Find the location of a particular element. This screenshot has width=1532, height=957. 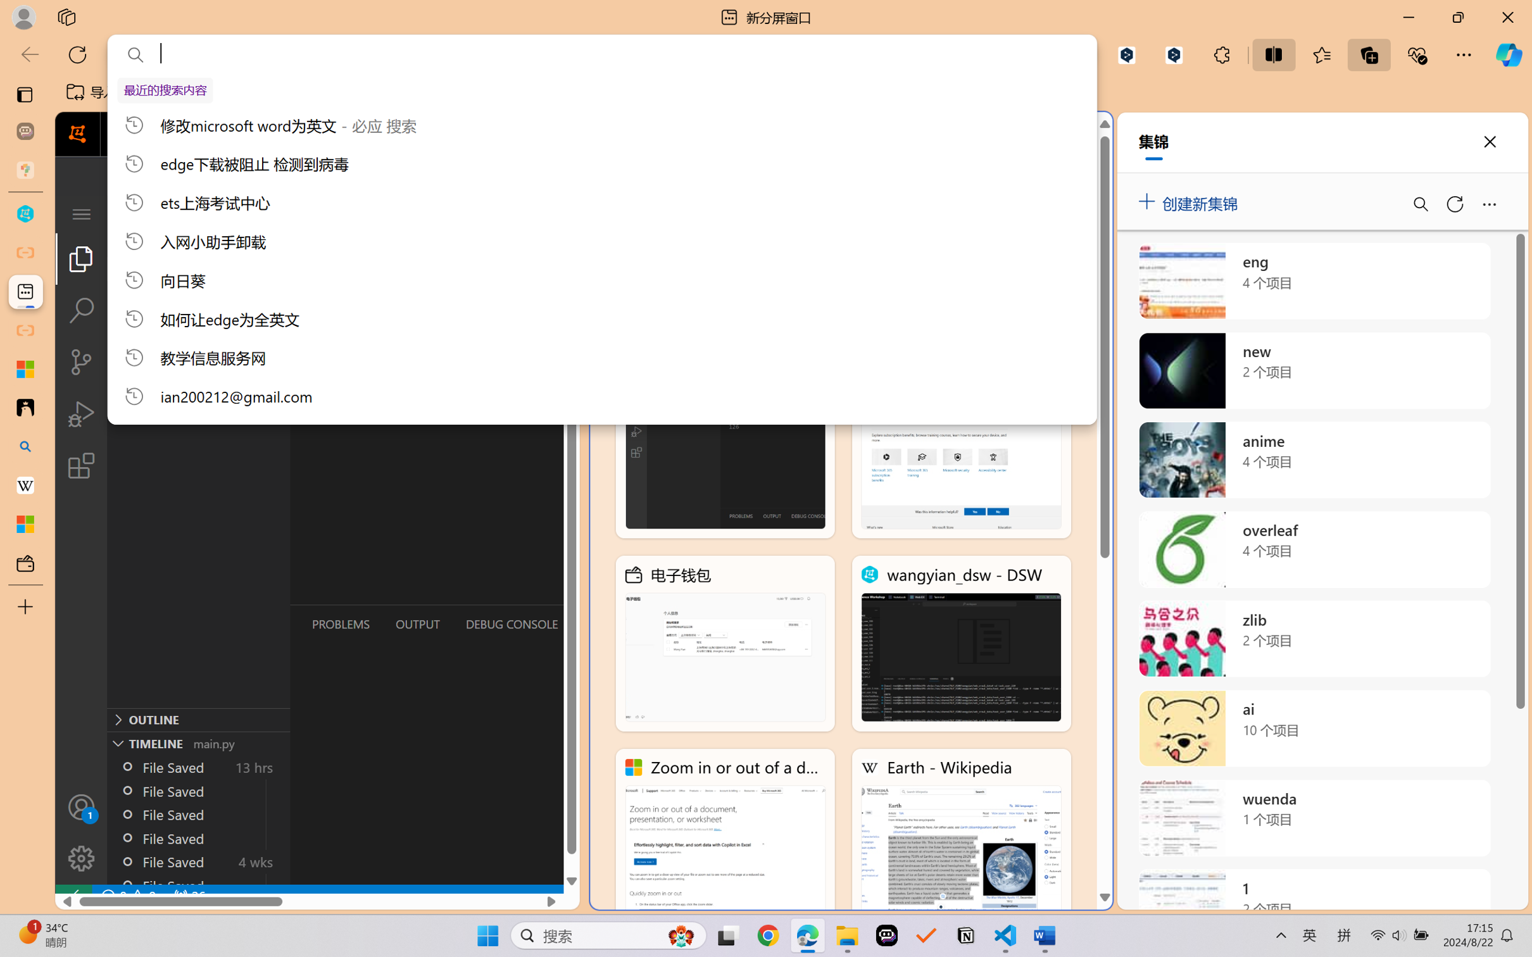

'Search (Ctrl+Shift+F)' is located at coordinates (80, 310).